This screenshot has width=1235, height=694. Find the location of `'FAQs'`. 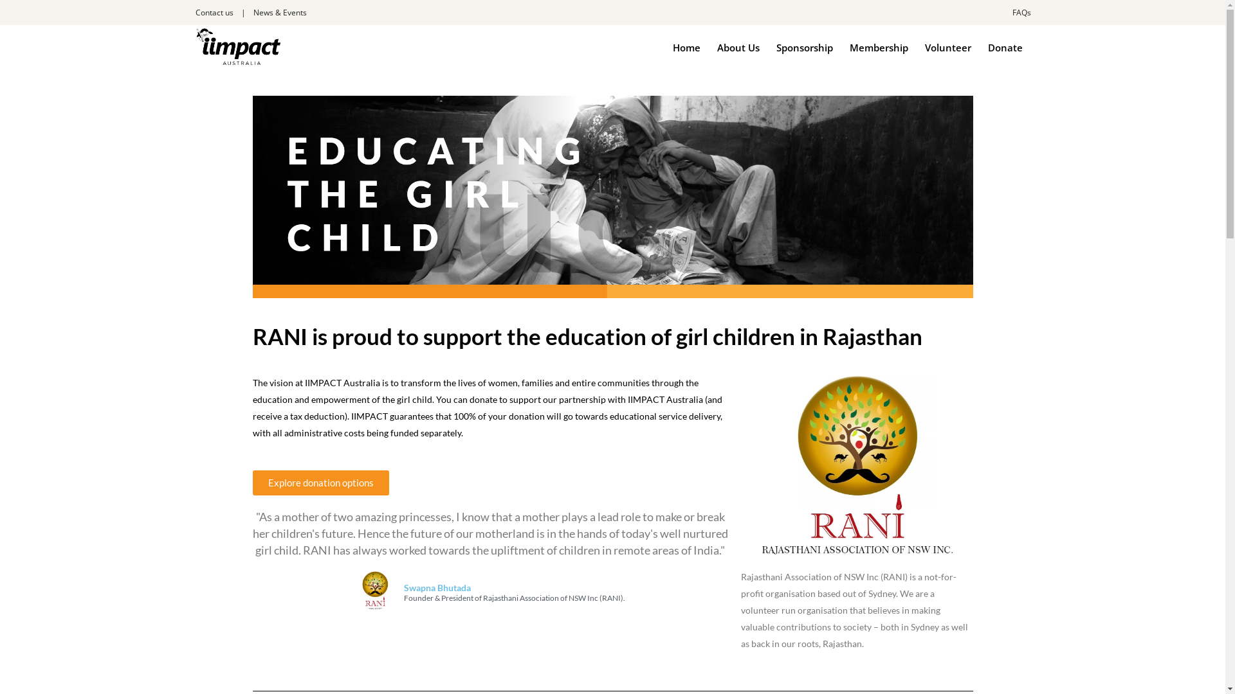

'FAQs' is located at coordinates (1021, 12).